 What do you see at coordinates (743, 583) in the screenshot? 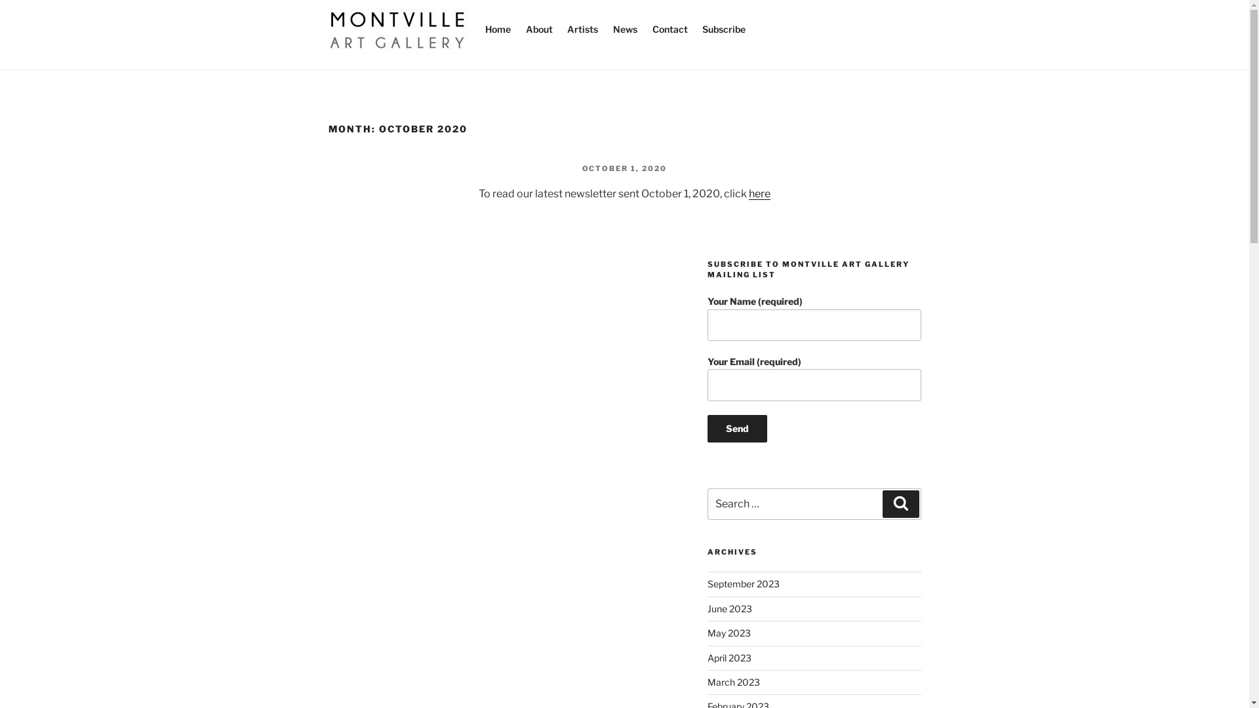
I see `'September 2023'` at bounding box center [743, 583].